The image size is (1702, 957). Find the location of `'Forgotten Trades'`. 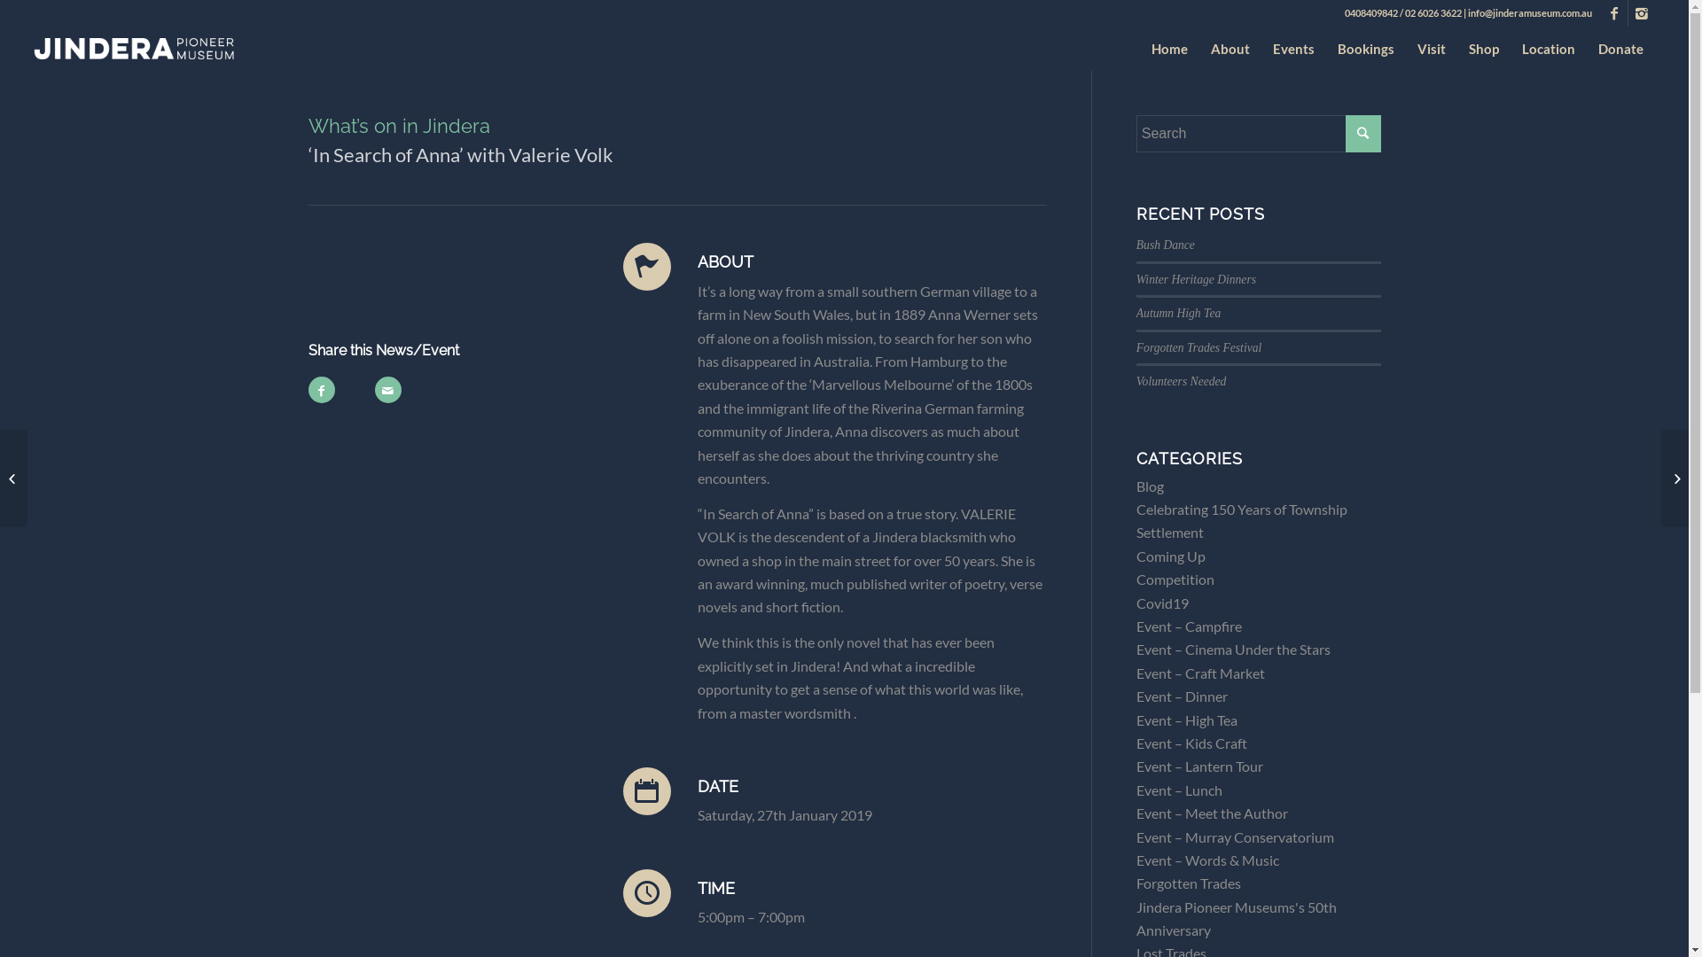

'Forgotten Trades' is located at coordinates (1188, 883).